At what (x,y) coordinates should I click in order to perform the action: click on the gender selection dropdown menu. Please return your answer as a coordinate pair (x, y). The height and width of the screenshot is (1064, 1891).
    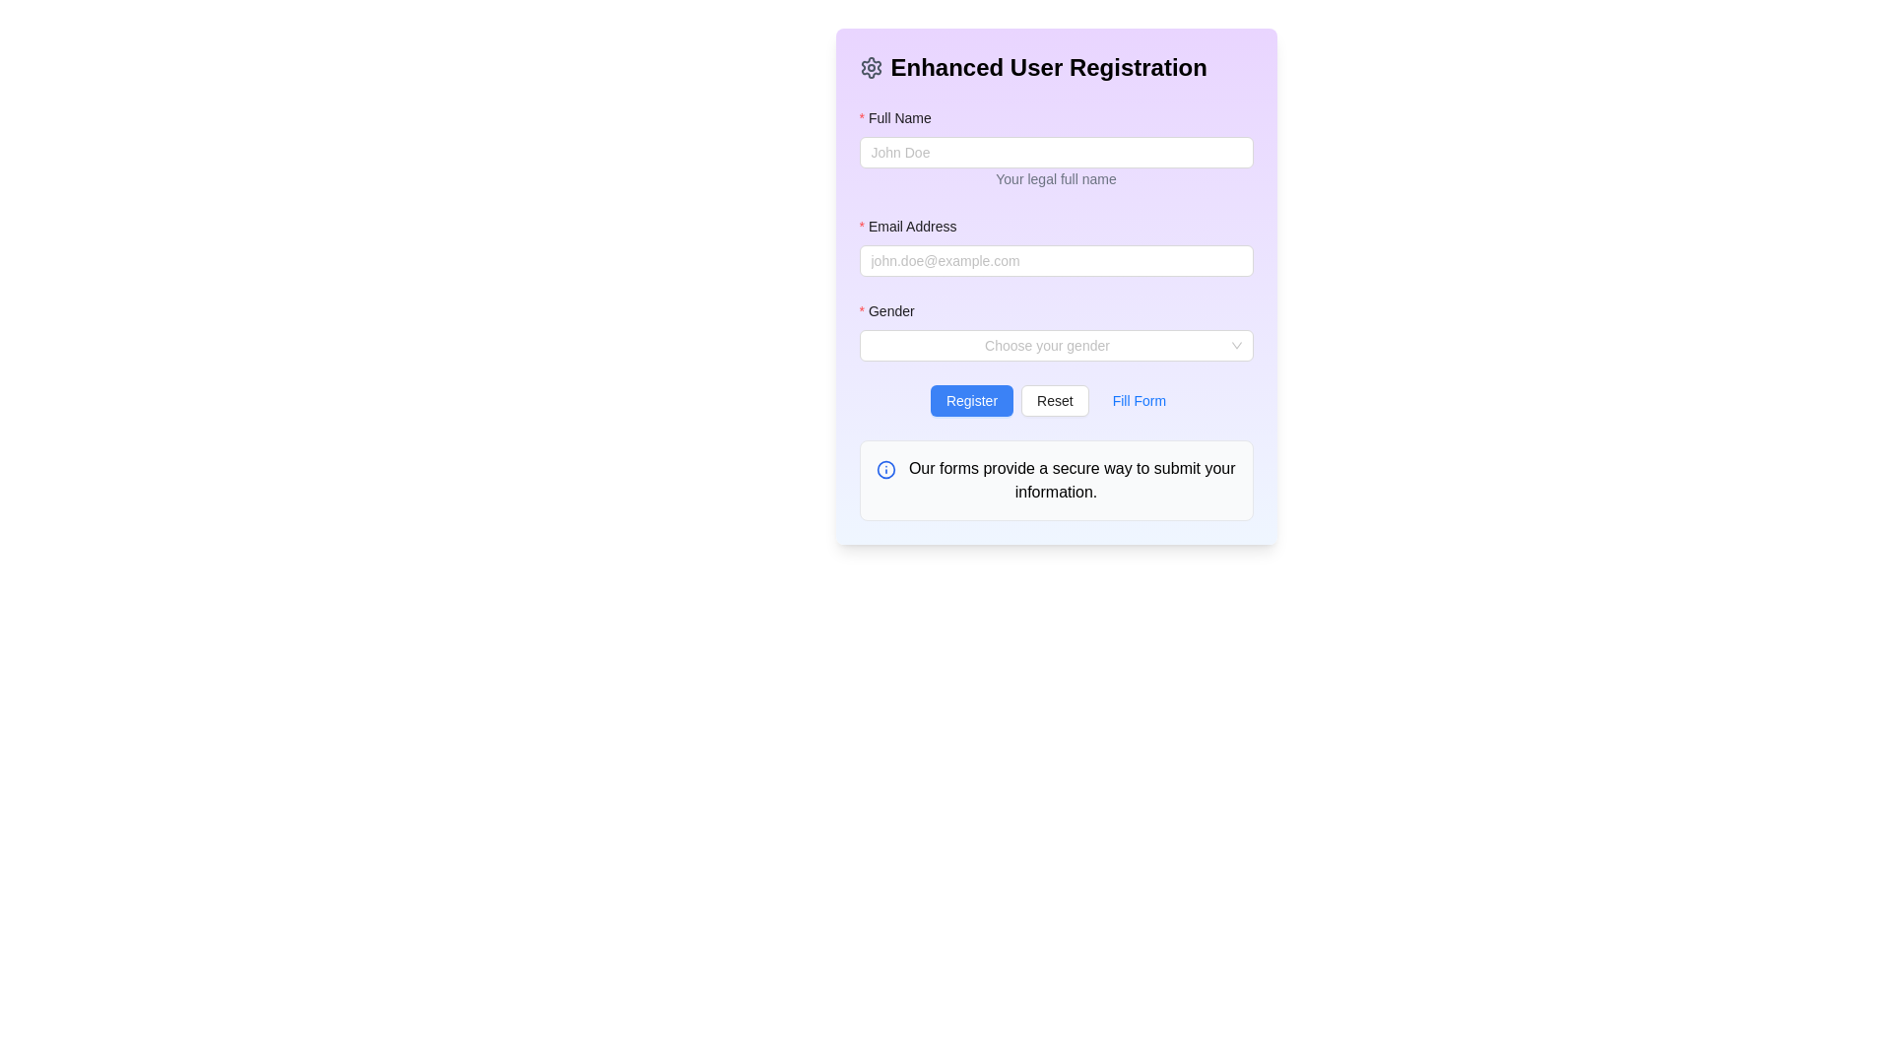
    Looking at the image, I should click on (1055, 345).